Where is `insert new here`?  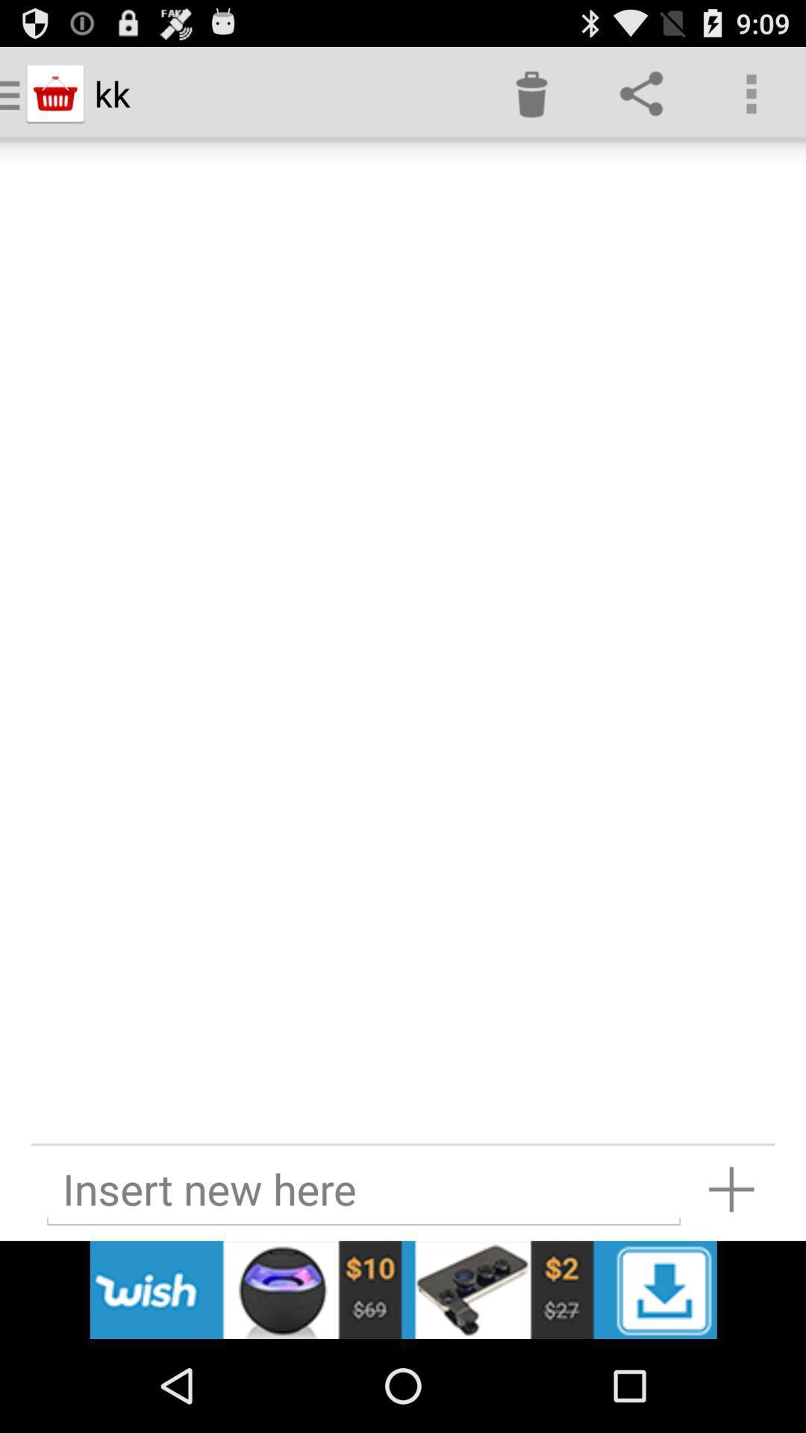 insert new here is located at coordinates (363, 1188).